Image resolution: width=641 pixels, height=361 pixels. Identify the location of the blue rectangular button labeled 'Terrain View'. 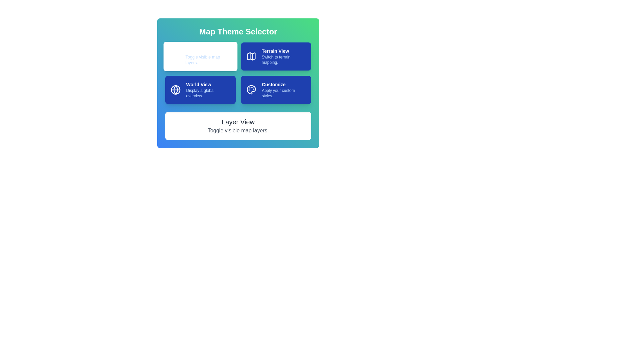
(276, 56).